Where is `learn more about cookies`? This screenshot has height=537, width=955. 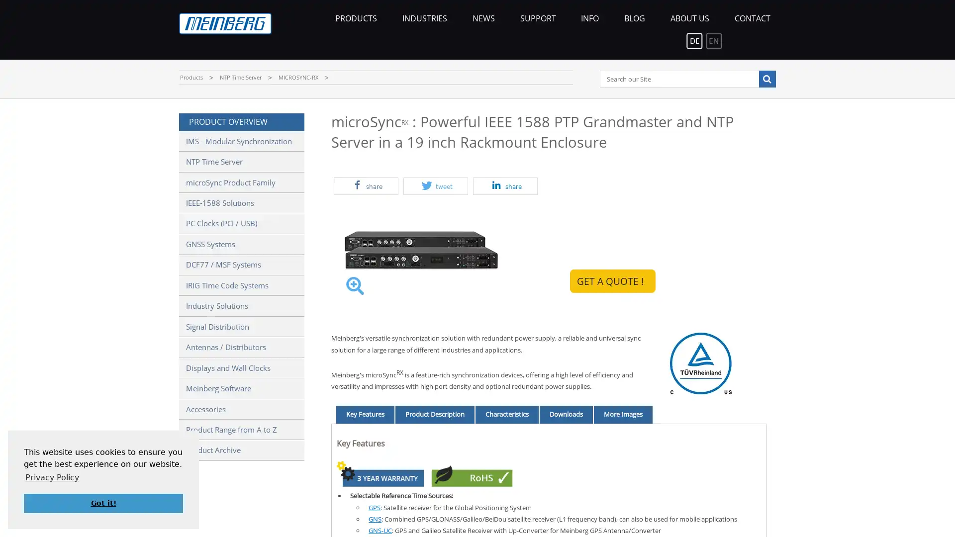
learn more about cookies is located at coordinates (52, 477).